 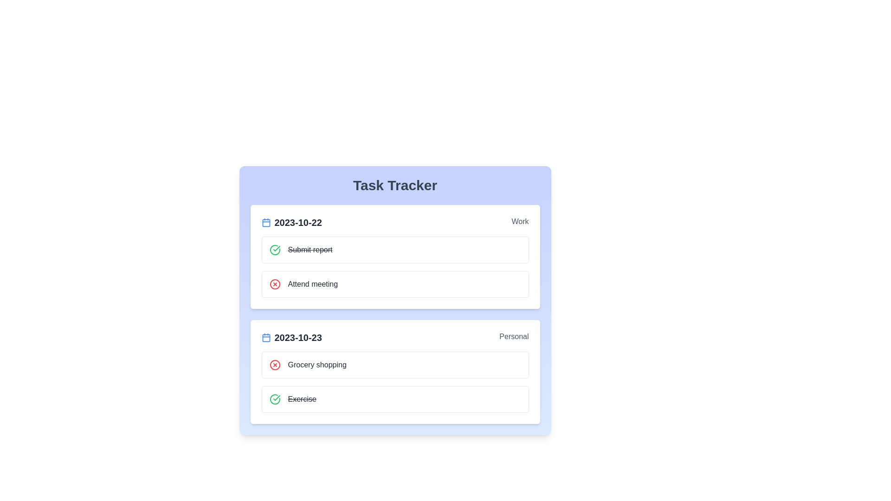 What do you see at coordinates (274, 250) in the screenshot?
I see `the icon corresponding to Submit report to display its tooltip` at bounding box center [274, 250].